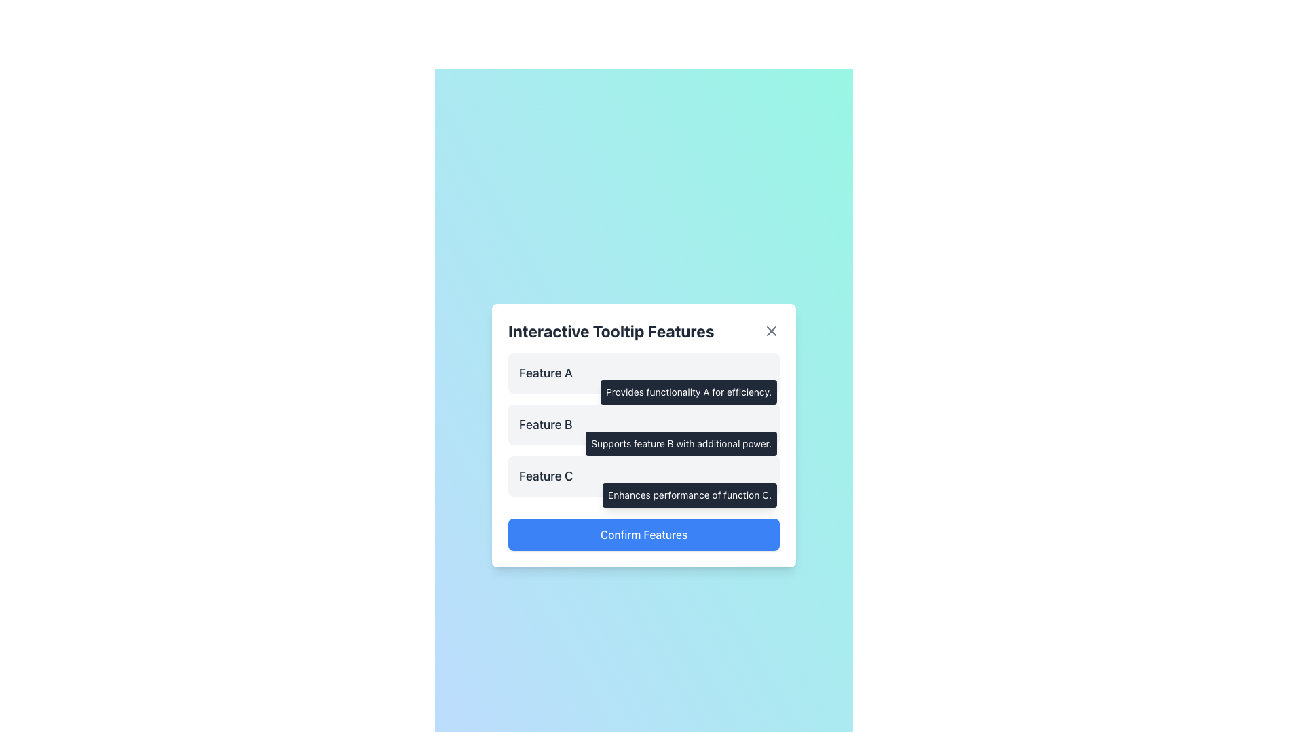 This screenshot has height=733, width=1303. What do you see at coordinates (546, 373) in the screenshot?
I see `the label that indicates the name or identifier of the associated functionality at the top of the list in the modal window` at bounding box center [546, 373].